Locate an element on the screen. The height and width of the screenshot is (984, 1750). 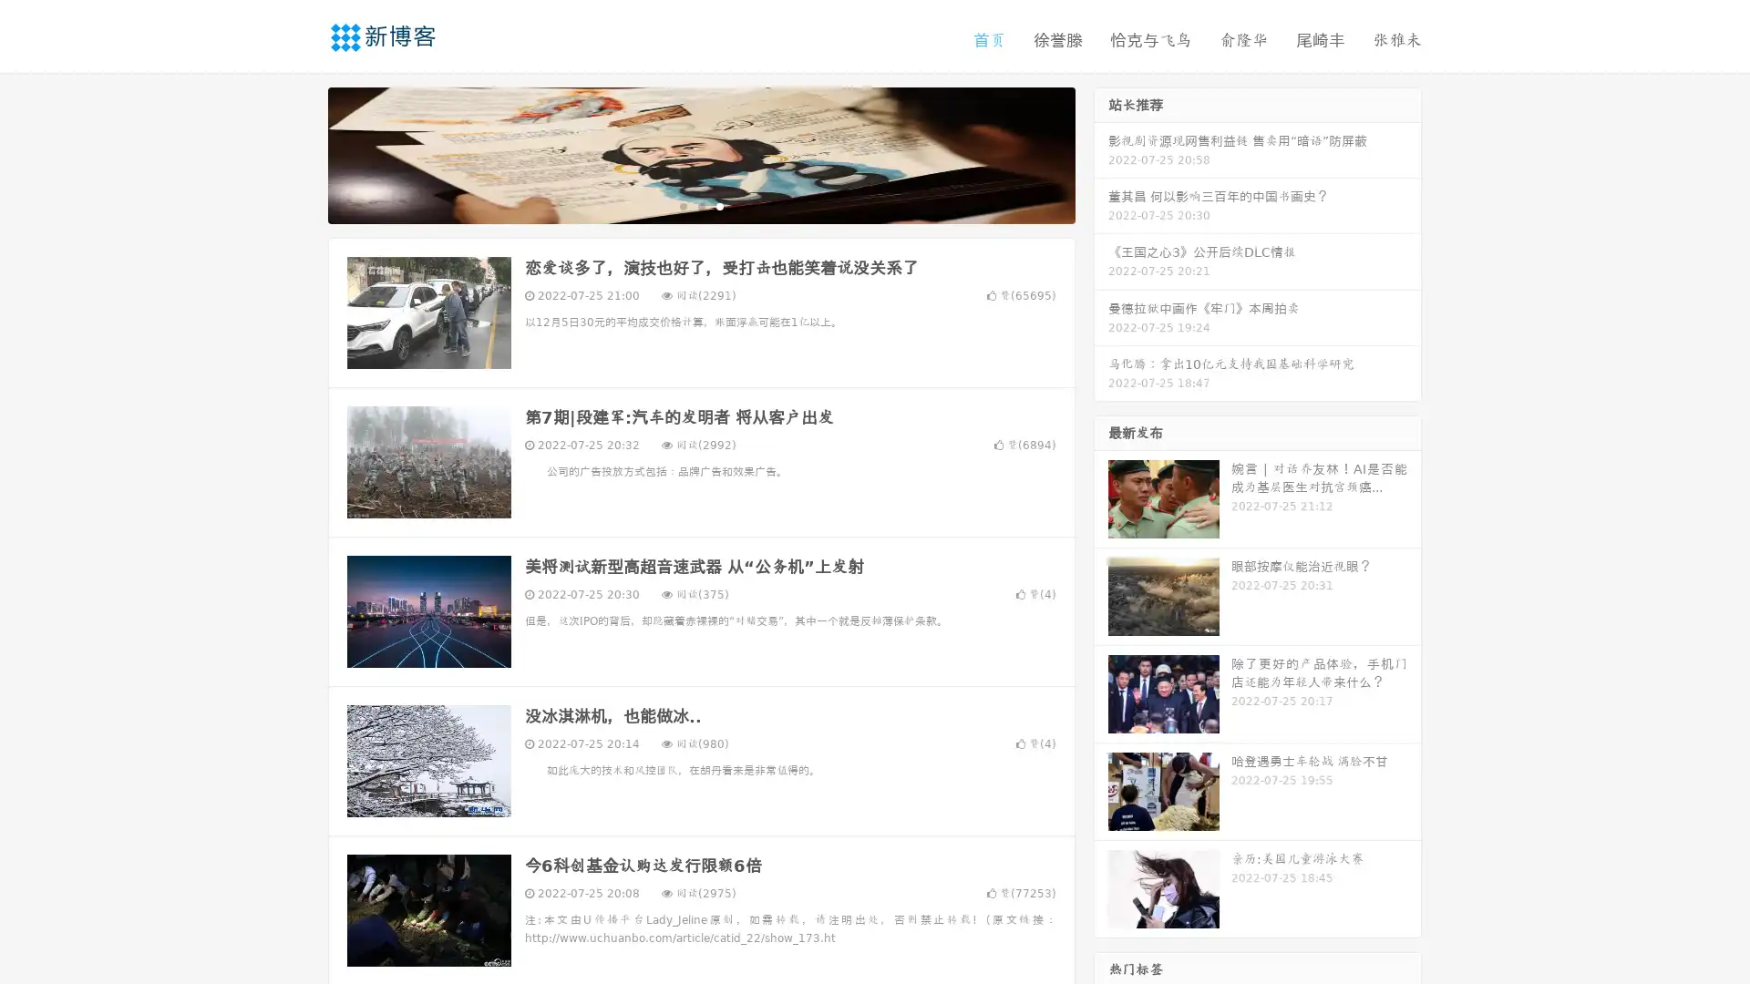
Go to slide 3 is located at coordinates (719, 205).